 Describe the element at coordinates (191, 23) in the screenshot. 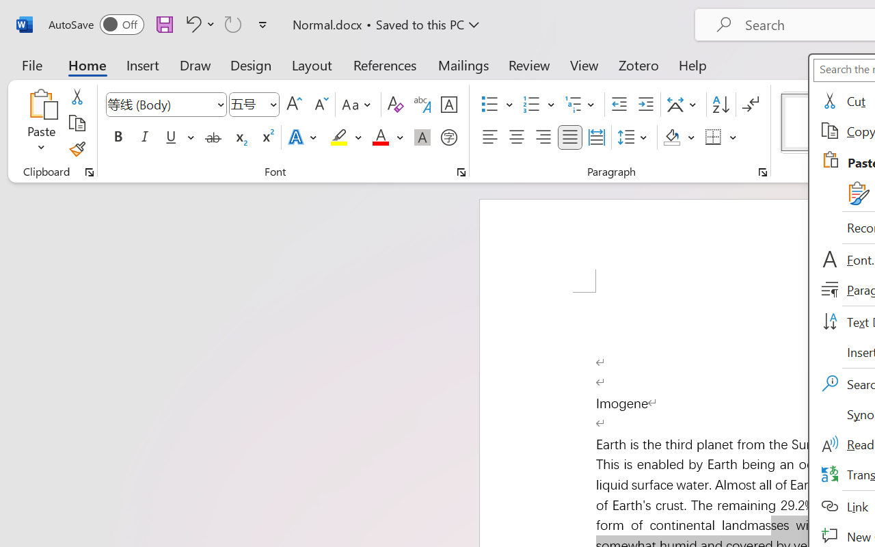

I see `'Undo Paste Text Only'` at that location.